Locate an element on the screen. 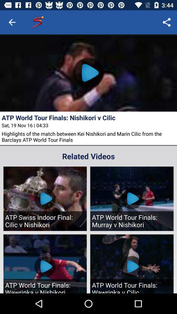 The width and height of the screenshot is (177, 314). icon to play the videos is located at coordinates (88, 73).